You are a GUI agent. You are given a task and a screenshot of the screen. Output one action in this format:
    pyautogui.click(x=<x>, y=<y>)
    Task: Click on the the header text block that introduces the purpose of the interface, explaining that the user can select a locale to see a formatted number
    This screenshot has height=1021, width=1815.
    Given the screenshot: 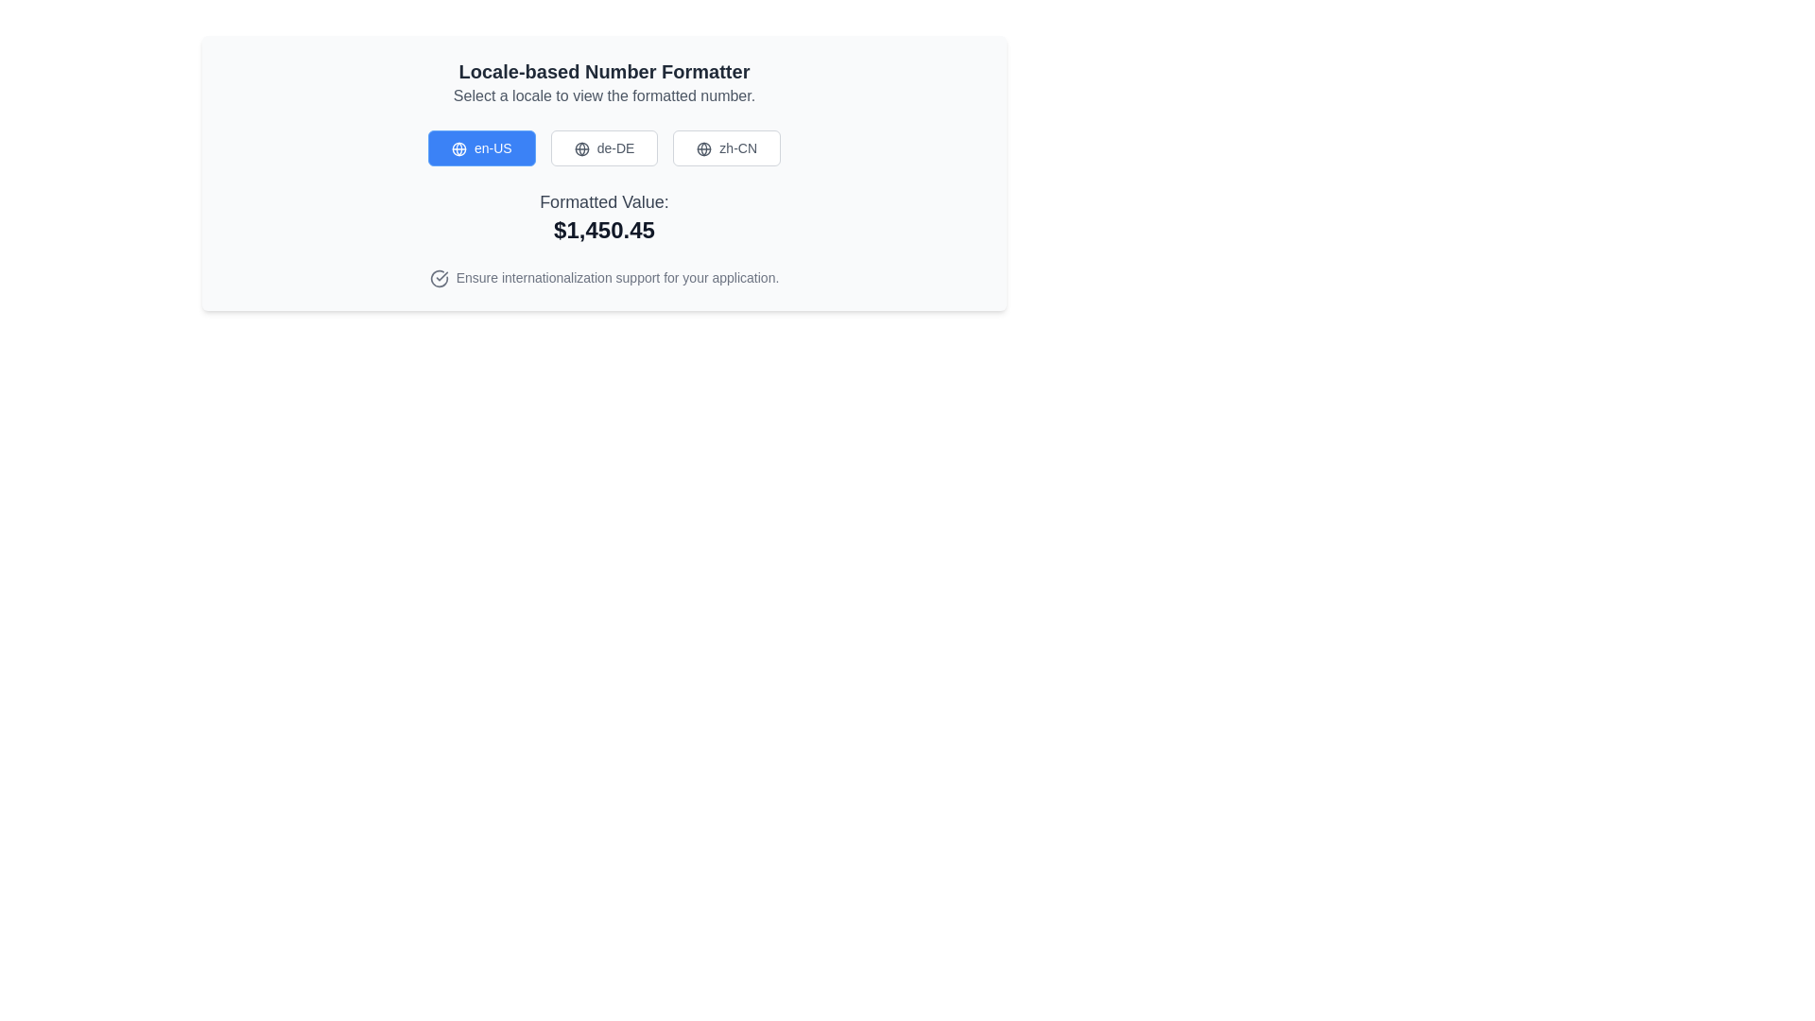 What is the action you would take?
    pyautogui.click(x=603, y=82)
    